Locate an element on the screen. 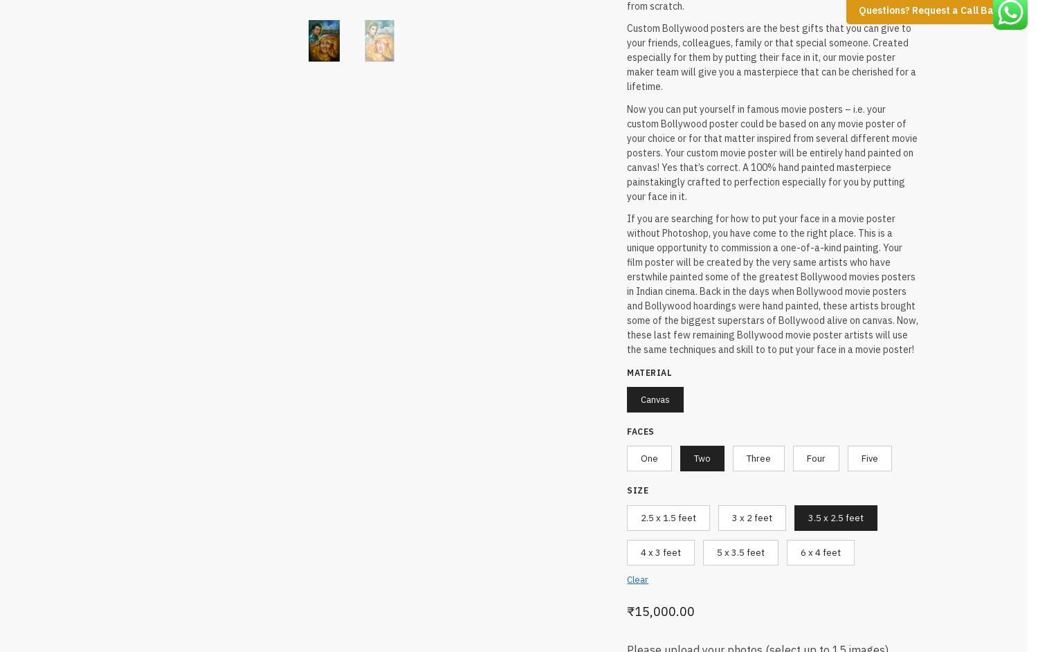 This screenshot has width=1038, height=652. 'Canvas' is located at coordinates (654, 397).